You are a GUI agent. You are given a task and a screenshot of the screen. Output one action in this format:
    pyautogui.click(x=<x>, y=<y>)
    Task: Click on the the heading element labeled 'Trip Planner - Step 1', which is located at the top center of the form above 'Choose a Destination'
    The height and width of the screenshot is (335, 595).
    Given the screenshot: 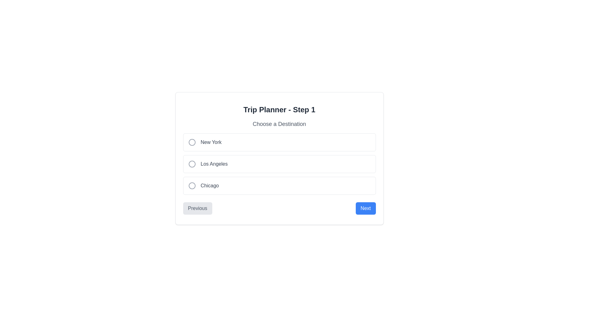 What is the action you would take?
    pyautogui.click(x=279, y=109)
    